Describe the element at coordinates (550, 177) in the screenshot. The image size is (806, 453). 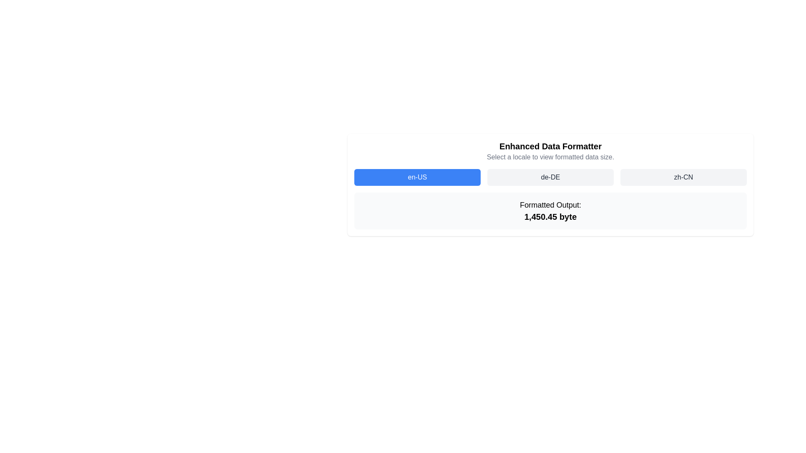
I see `the button` at that location.